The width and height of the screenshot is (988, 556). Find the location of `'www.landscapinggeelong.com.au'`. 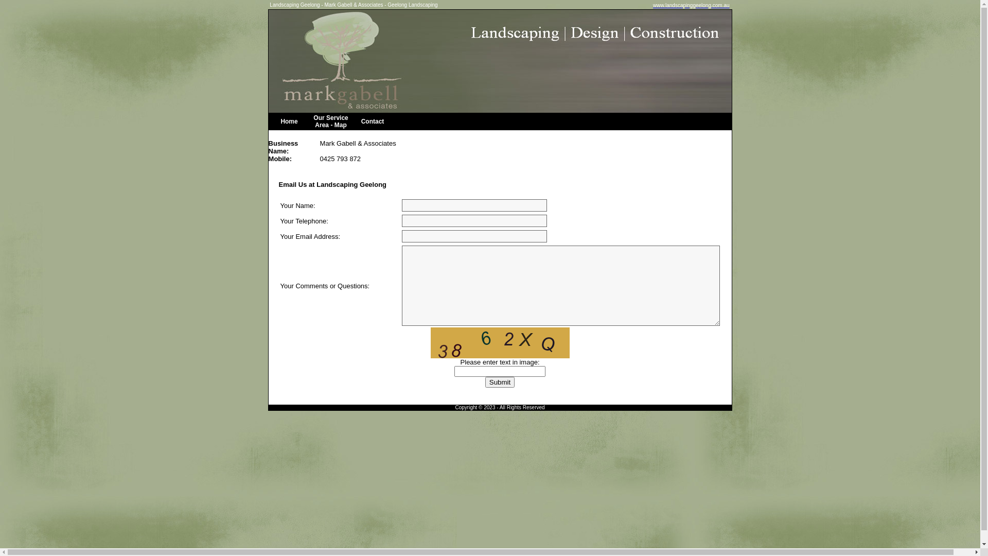

'www.landscapinggeelong.com.au' is located at coordinates (691, 4).